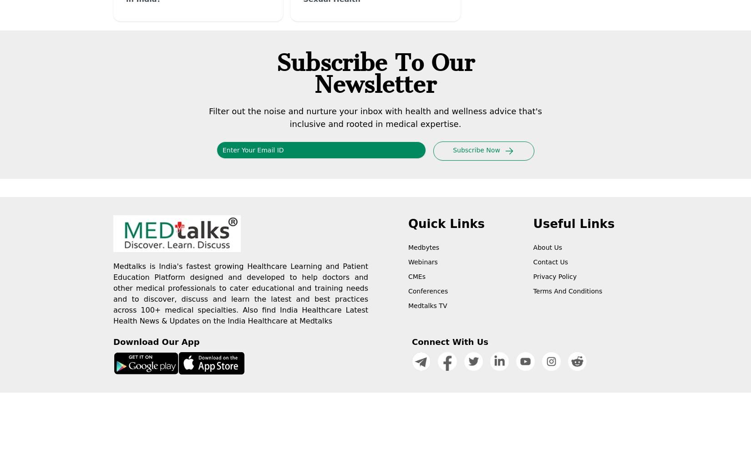 Image resolution: width=751 pixels, height=455 pixels. I want to click on 'Conferences', so click(428, 291).